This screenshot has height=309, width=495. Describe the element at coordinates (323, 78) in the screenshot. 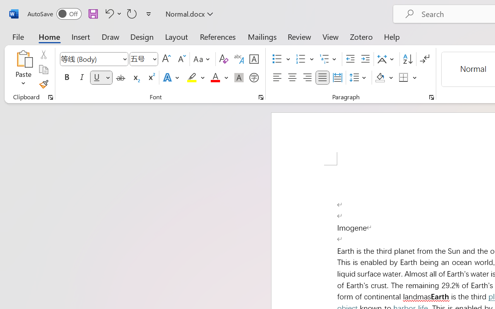

I see `'Justify'` at that location.